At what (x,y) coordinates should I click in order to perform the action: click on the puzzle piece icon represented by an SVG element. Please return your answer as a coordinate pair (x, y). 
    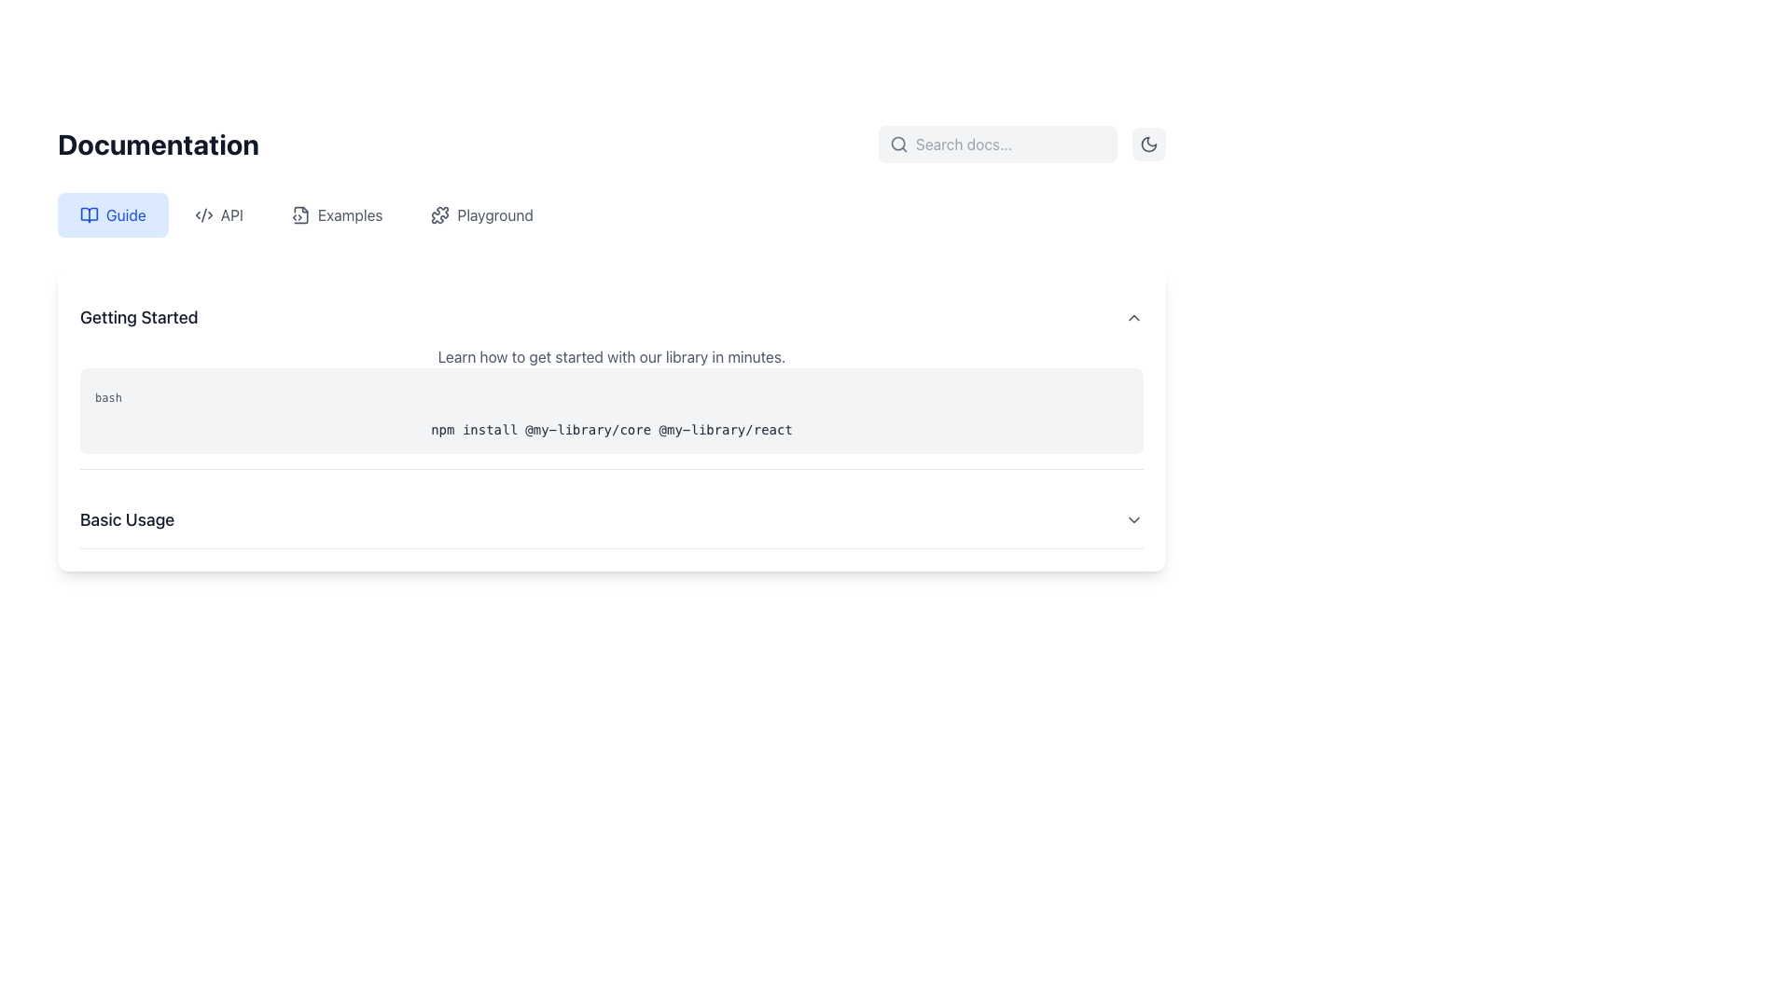
    Looking at the image, I should click on (439, 214).